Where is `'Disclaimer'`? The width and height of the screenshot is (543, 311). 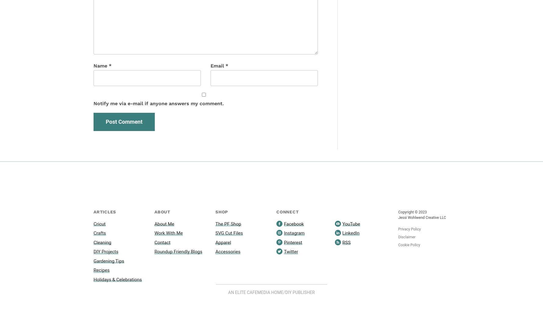 'Disclaimer' is located at coordinates (407, 237).